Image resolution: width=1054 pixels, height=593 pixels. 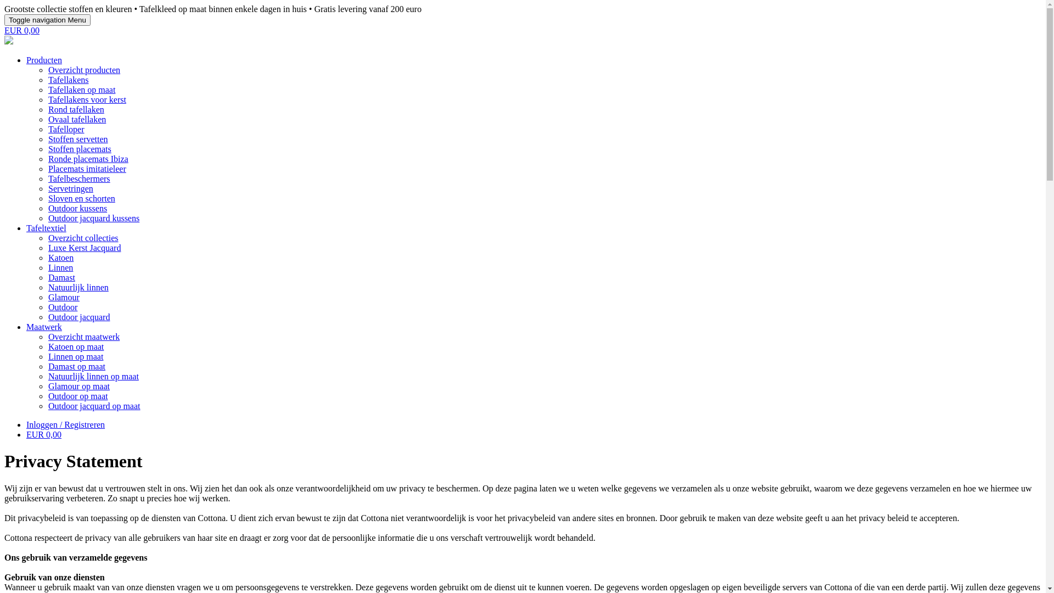 What do you see at coordinates (65, 128) in the screenshot?
I see `'Tafelloper'` at bounding box center [65, 128].